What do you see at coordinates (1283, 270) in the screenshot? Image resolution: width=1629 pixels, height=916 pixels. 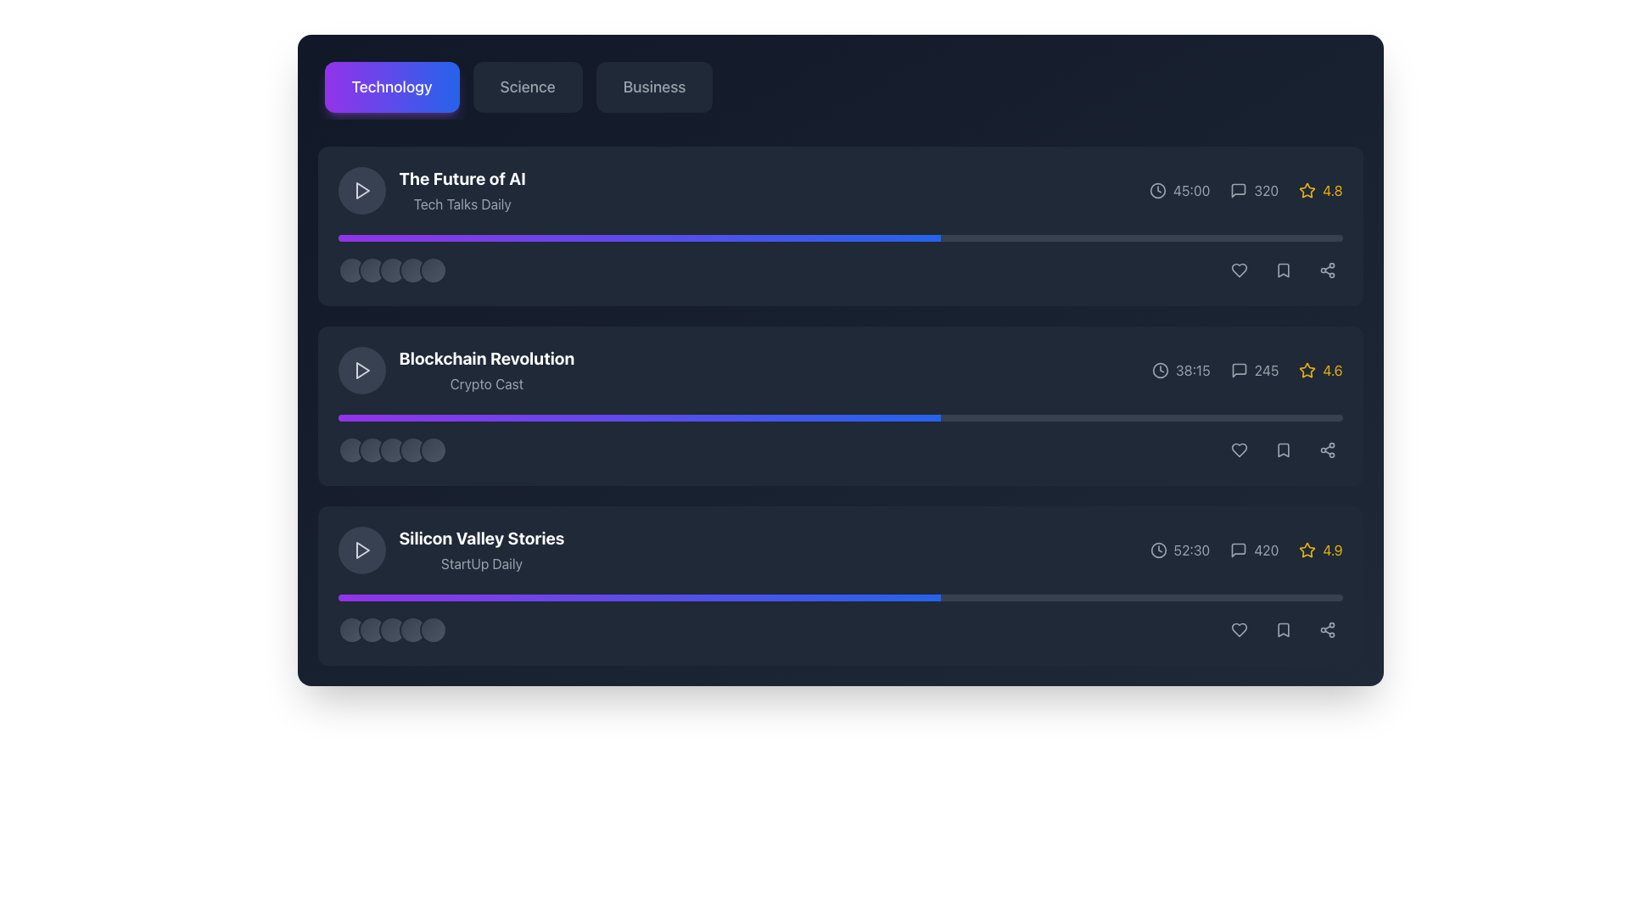 I see `the bookmark icon button, which is styled as a modern vector bookmark outline located on the far right of the middle entry in a vertical list of content items, adjacent to a heart icon on the left and a share icon on the right` at bounding box center [1283, 270].